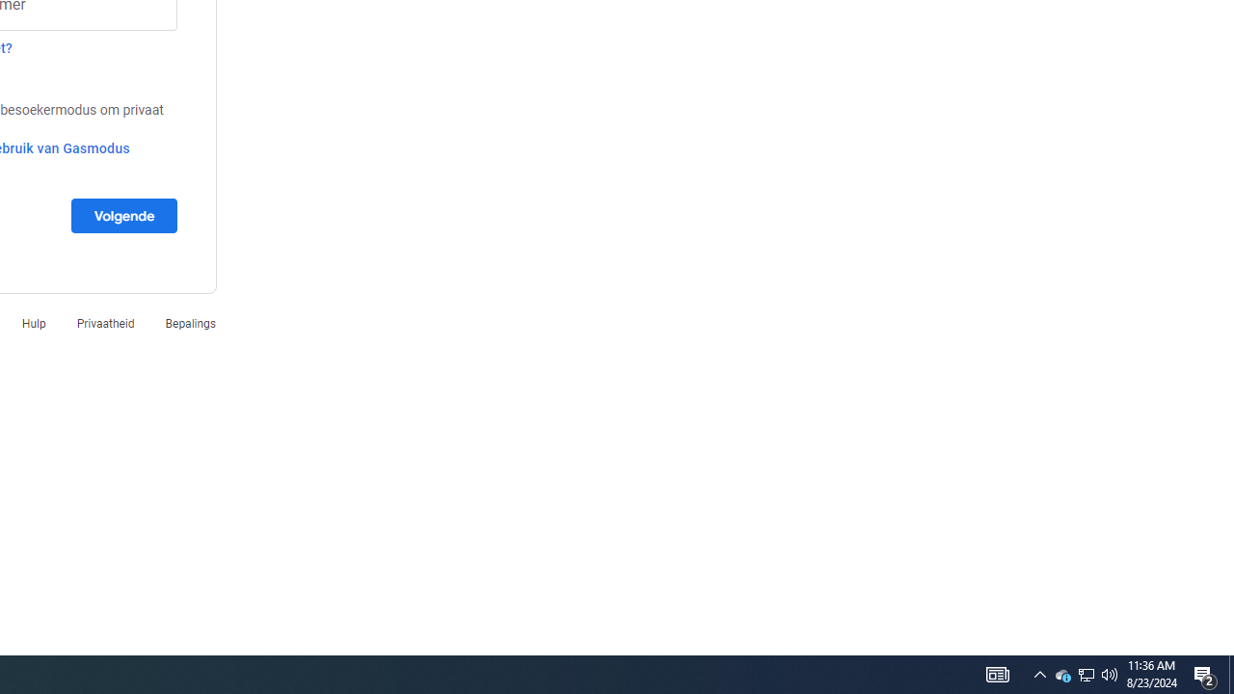 The width and height of the screenshot is (1234, 694). Describe the element at coordinates (34, 322) in the screenshot. I see `'Hulp'` at that location.